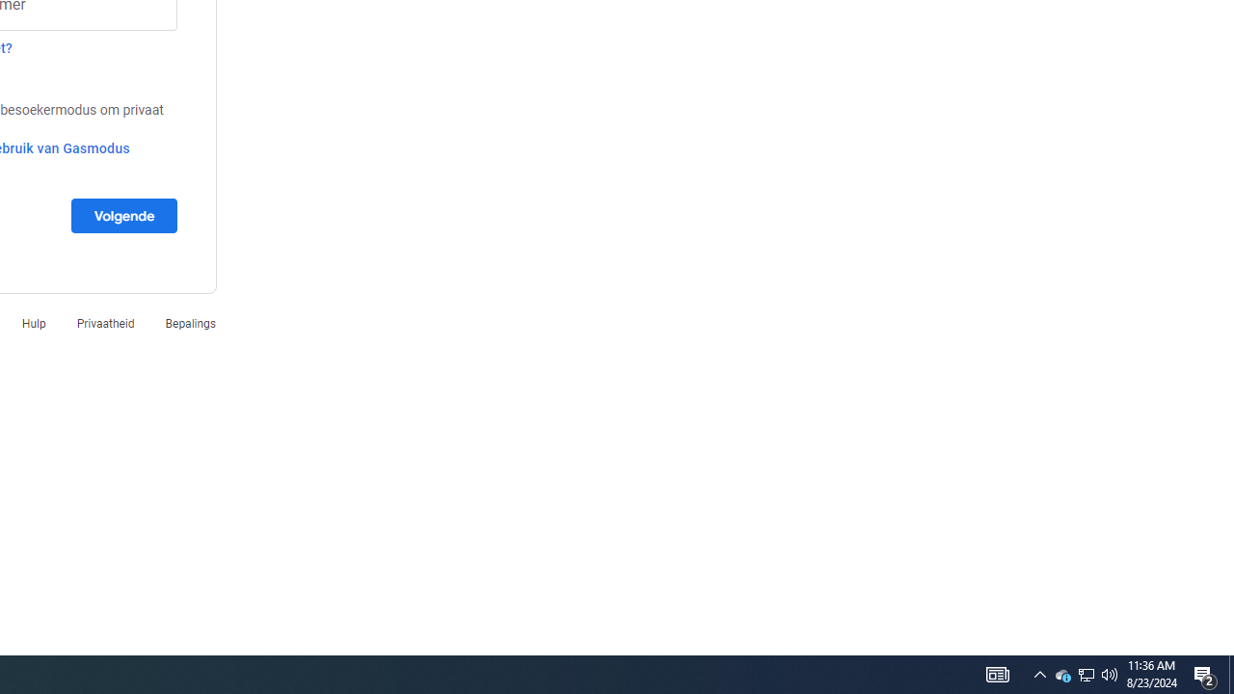 The width and height of the screenshot is (1234, 694). Describe the element at coordinates (34, 322) in the screenshot. I see `'Hulp'` at that location.